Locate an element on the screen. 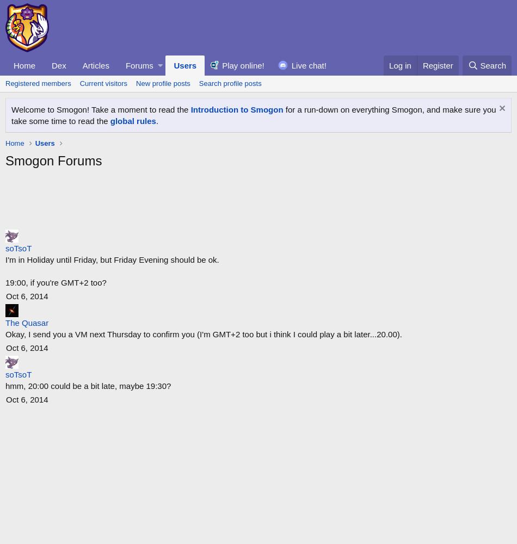 Image resolution: width=517 pixels, height=544 pixels. 'Welcome to Smogon! Take a moment to read the' is located at coordinates (11, 109).